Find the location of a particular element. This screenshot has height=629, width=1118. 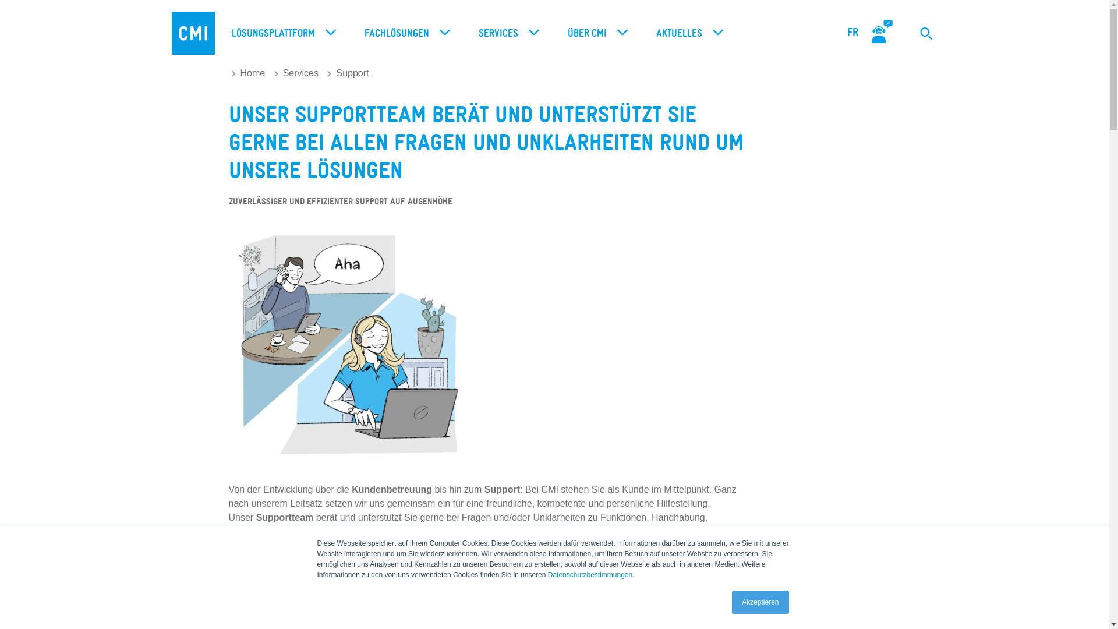

'Home' is located at coordinates (248, 73).